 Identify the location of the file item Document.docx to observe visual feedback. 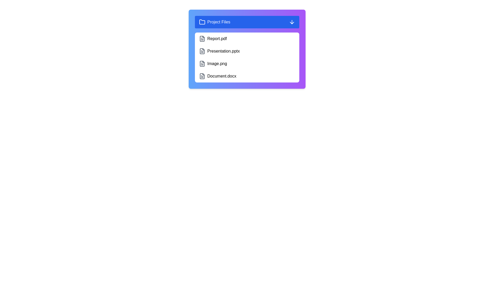
(247, 76).